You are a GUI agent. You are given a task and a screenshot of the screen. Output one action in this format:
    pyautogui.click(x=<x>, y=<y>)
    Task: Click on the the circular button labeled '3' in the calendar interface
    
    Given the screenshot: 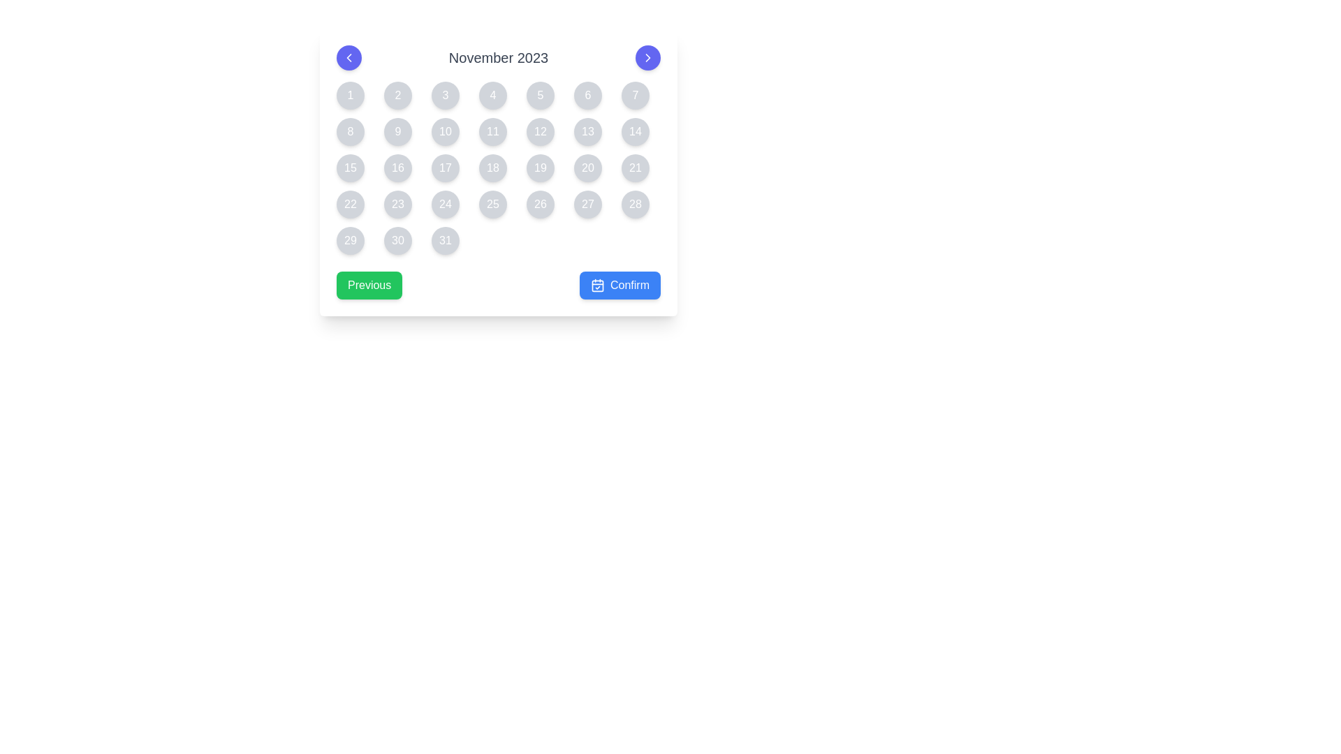 What is the action you would take?
    pyautogui.click(x=445, y=95)
    